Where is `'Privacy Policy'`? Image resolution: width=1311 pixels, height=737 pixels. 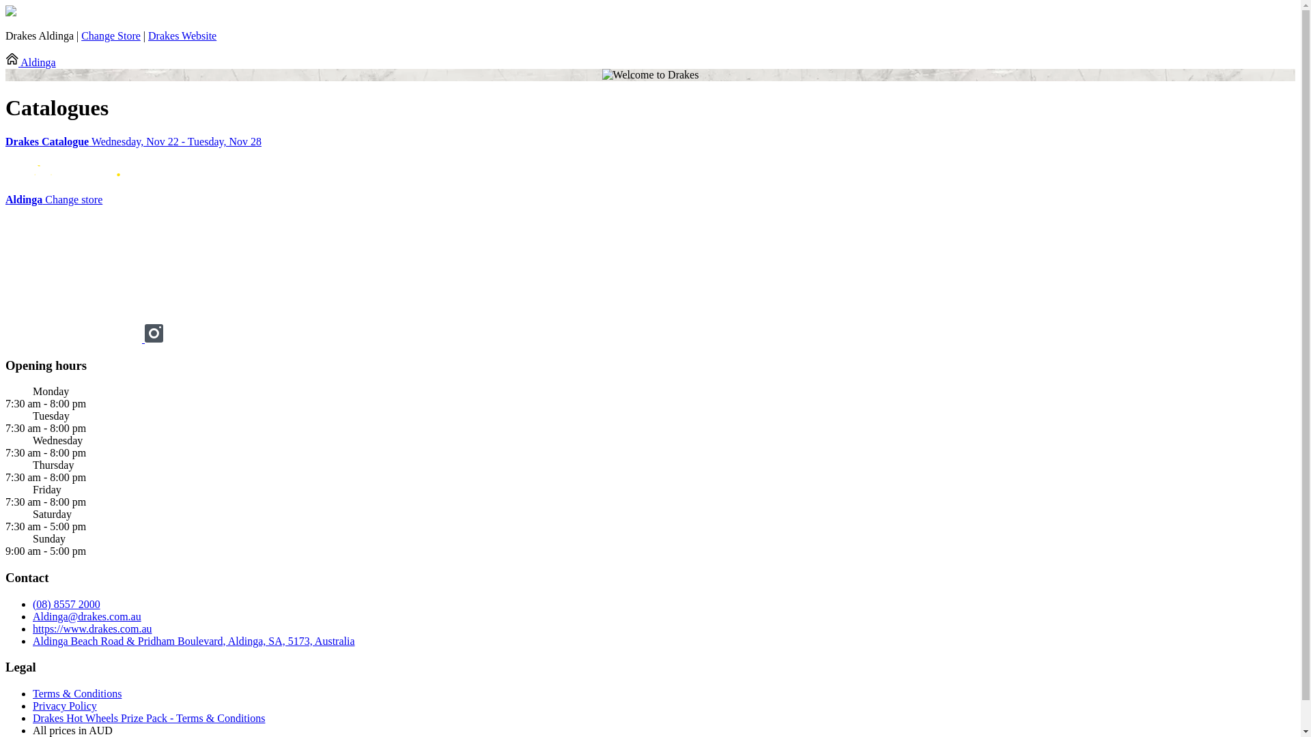 'Privacy Policy' is located at coordinates (64, 706).